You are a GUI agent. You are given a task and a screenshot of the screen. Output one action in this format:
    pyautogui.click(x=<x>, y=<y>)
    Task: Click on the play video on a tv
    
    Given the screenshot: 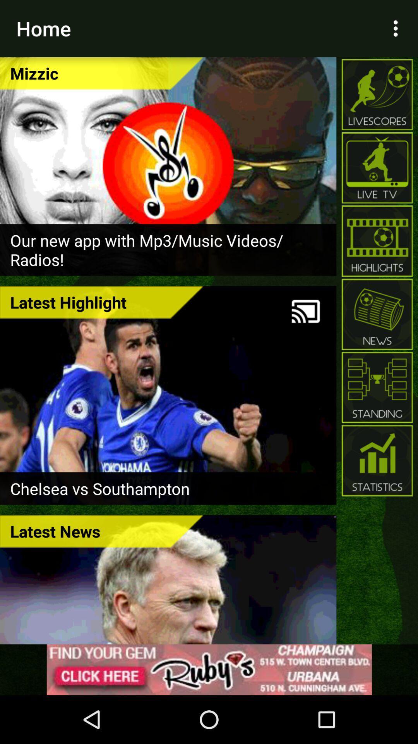 What is the action you would take?
    pyautogui.click(x=305, y=311)
    